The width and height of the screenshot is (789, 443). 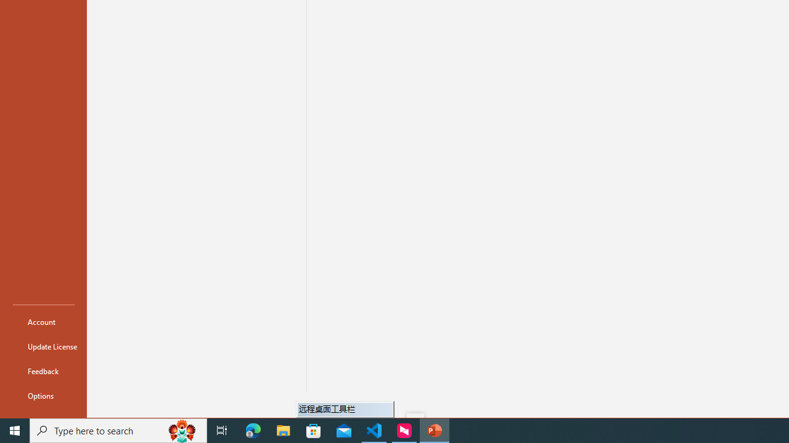 I want to click on 'Search highlights icon opens search home window', so click(x=181, y=429).